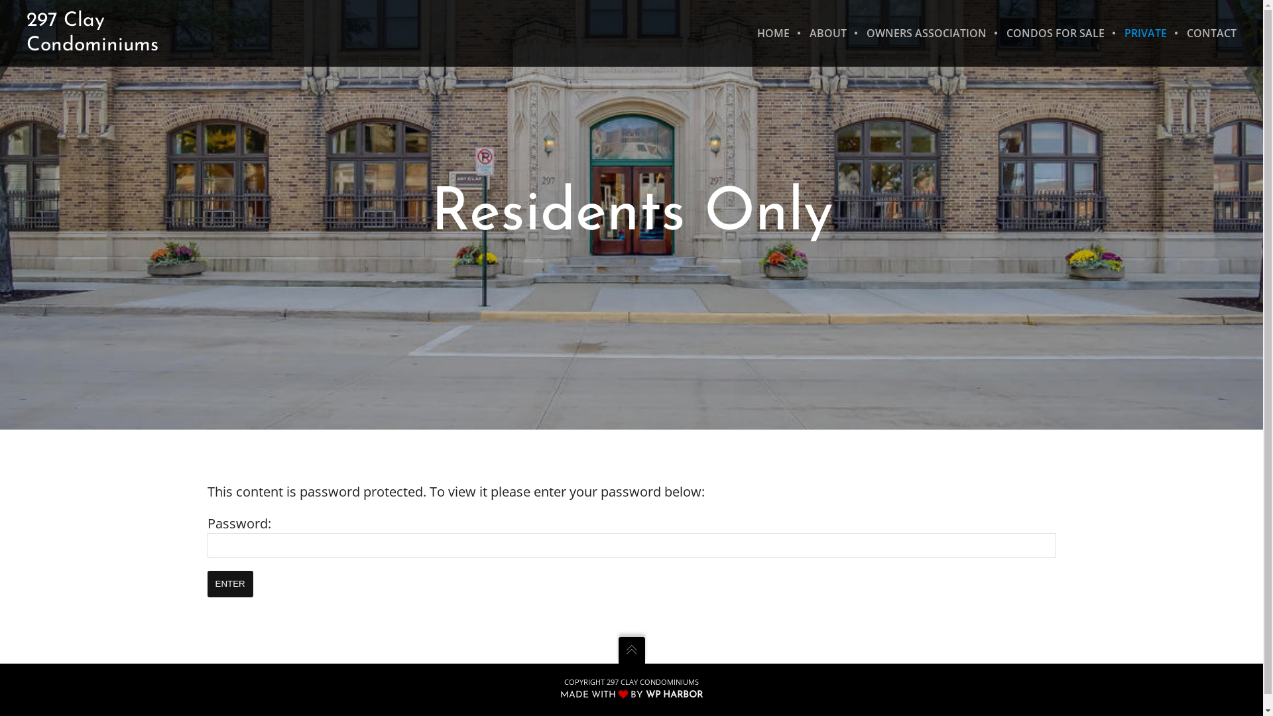  What do you see at coordinates (926, 32) in the screenshot?
I see `'OWNERS ASSOCIATION'` at bounding box center [926, 32].